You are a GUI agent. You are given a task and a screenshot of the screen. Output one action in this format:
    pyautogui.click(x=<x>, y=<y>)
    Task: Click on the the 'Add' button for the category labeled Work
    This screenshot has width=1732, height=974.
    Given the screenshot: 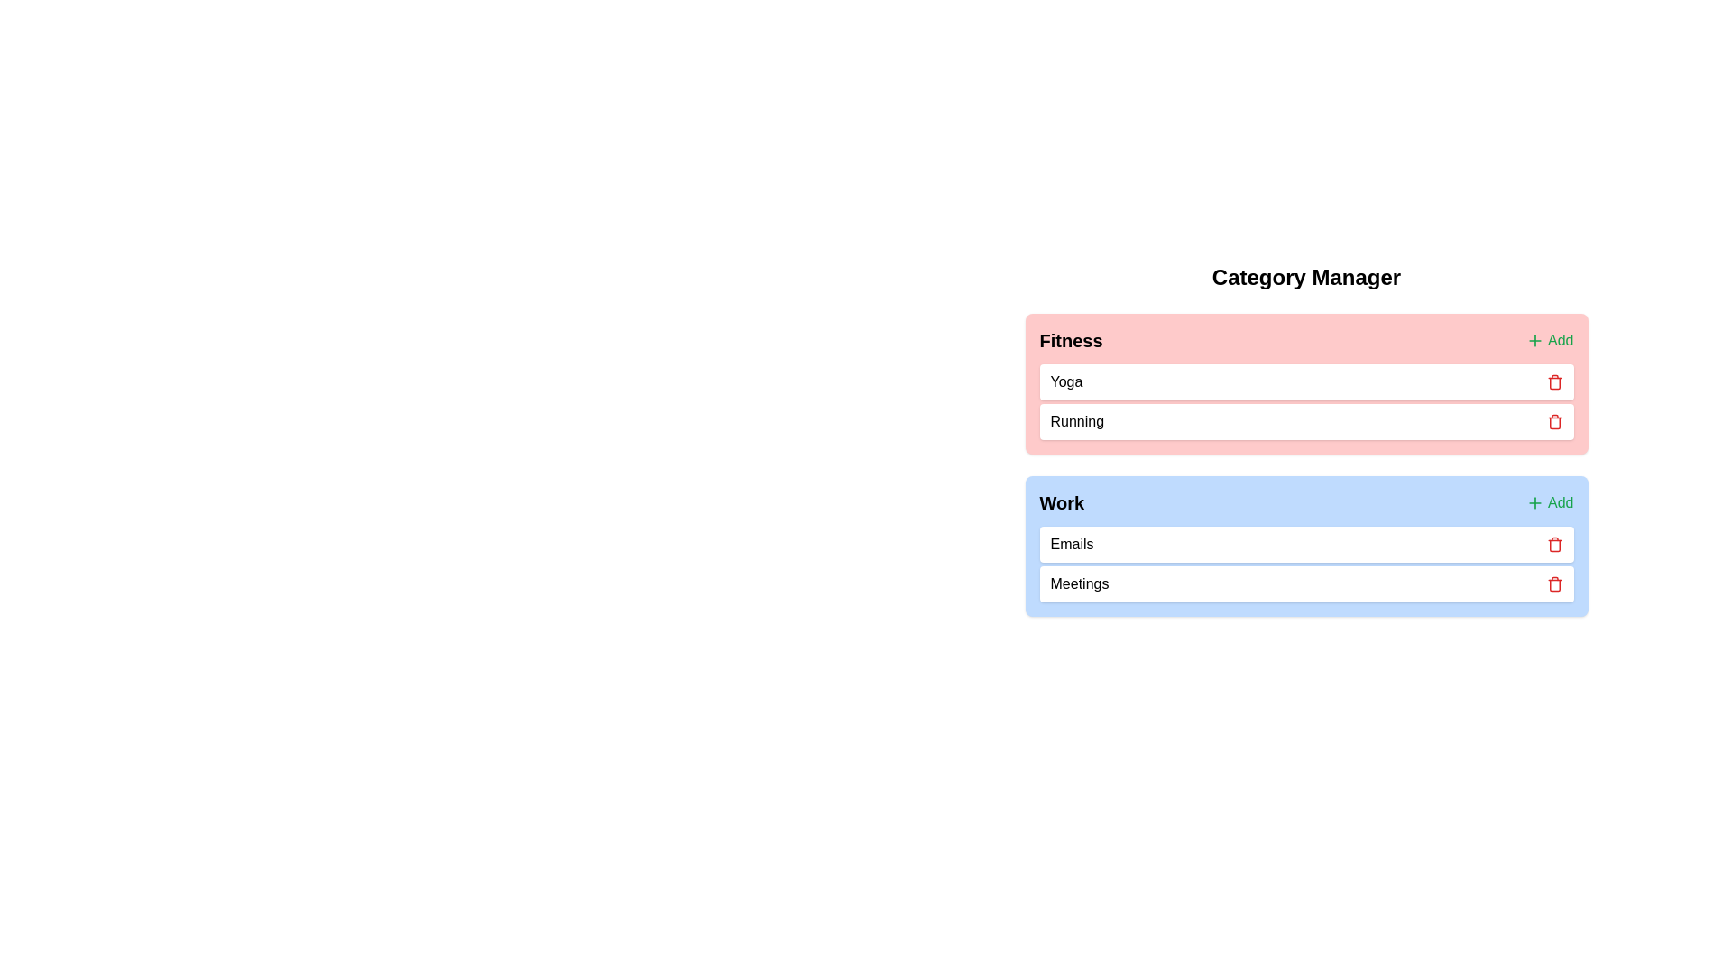 What is the action you would take?
    pyautogui.click(x=1549, y=503)
    